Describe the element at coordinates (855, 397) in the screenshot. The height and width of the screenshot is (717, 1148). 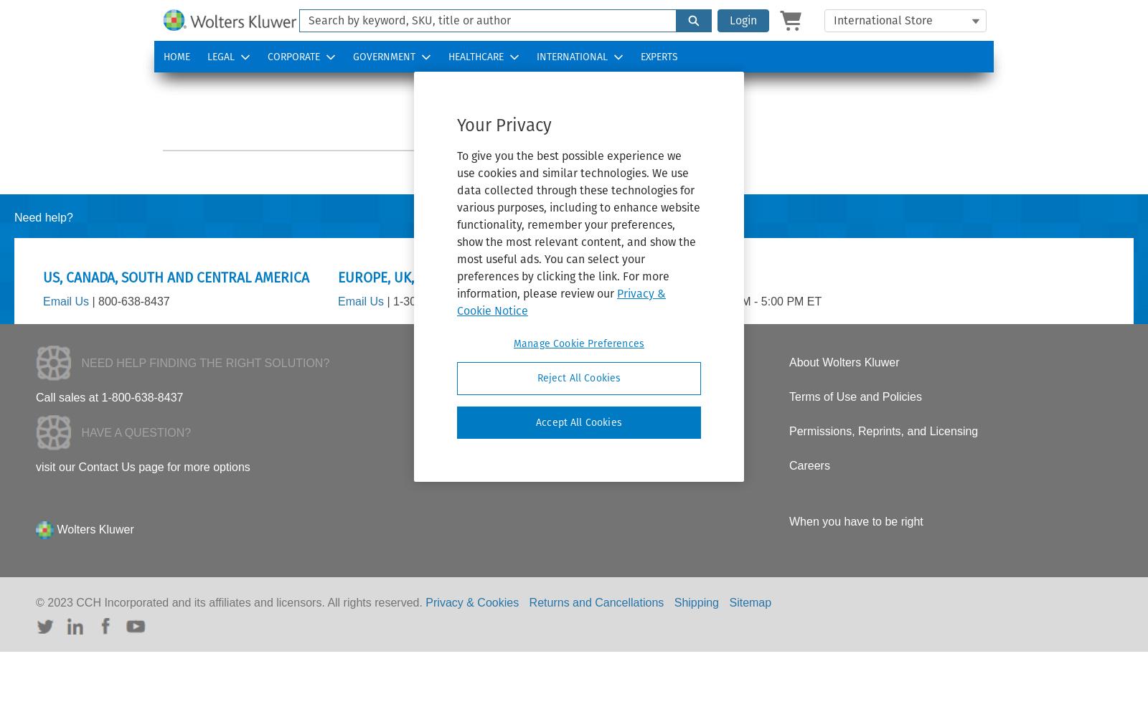
I see `'Terms of Use and Policies'` at that location.